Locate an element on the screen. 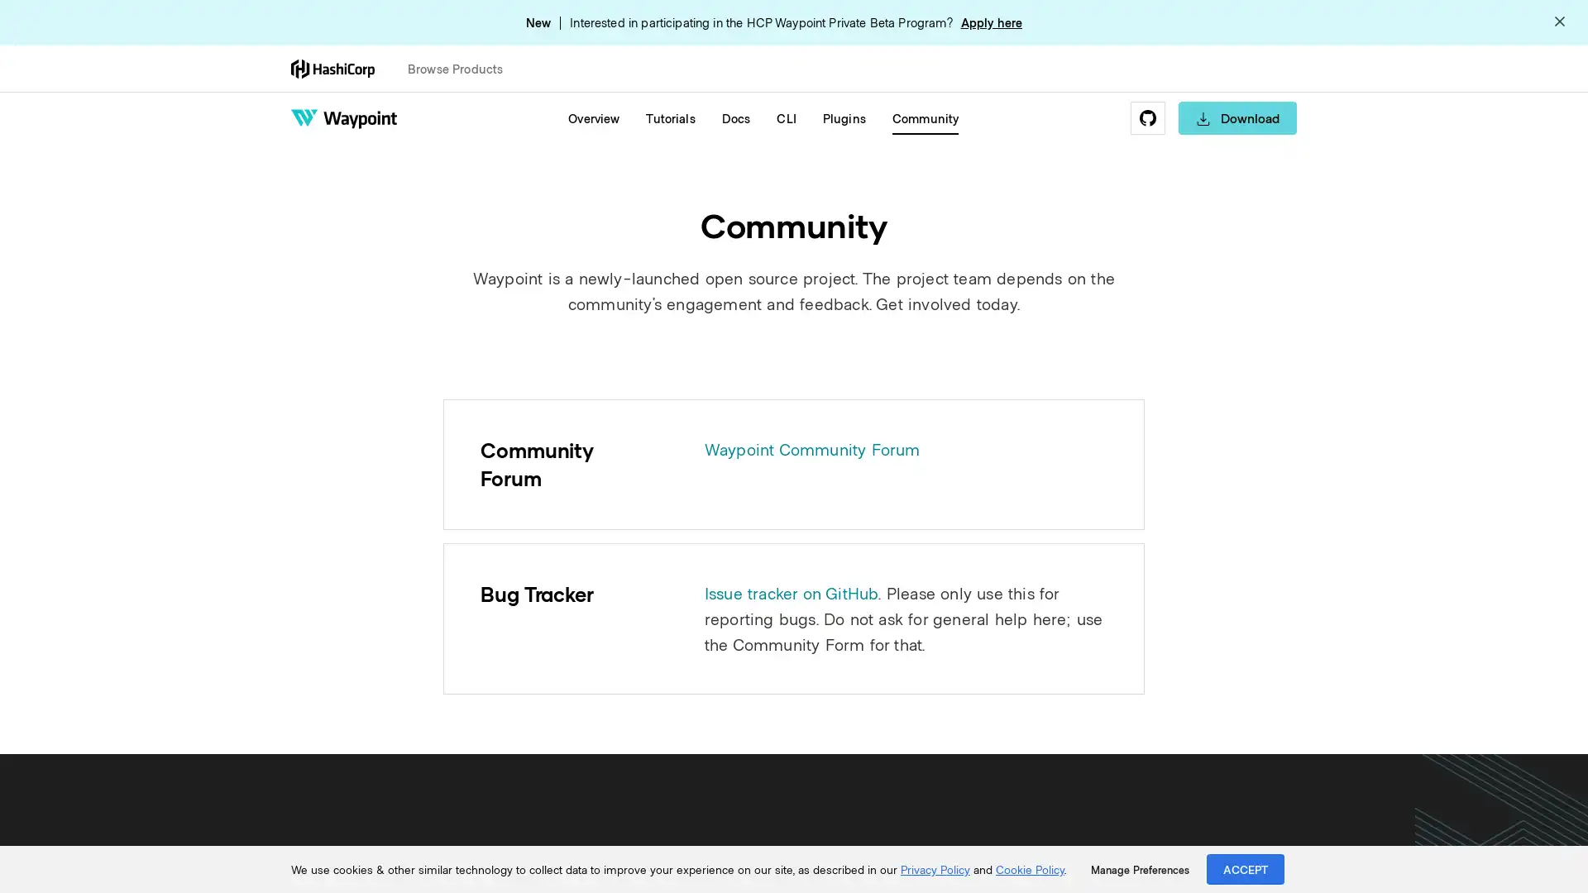  ACCEPT is located at coordinates (1246, 868).